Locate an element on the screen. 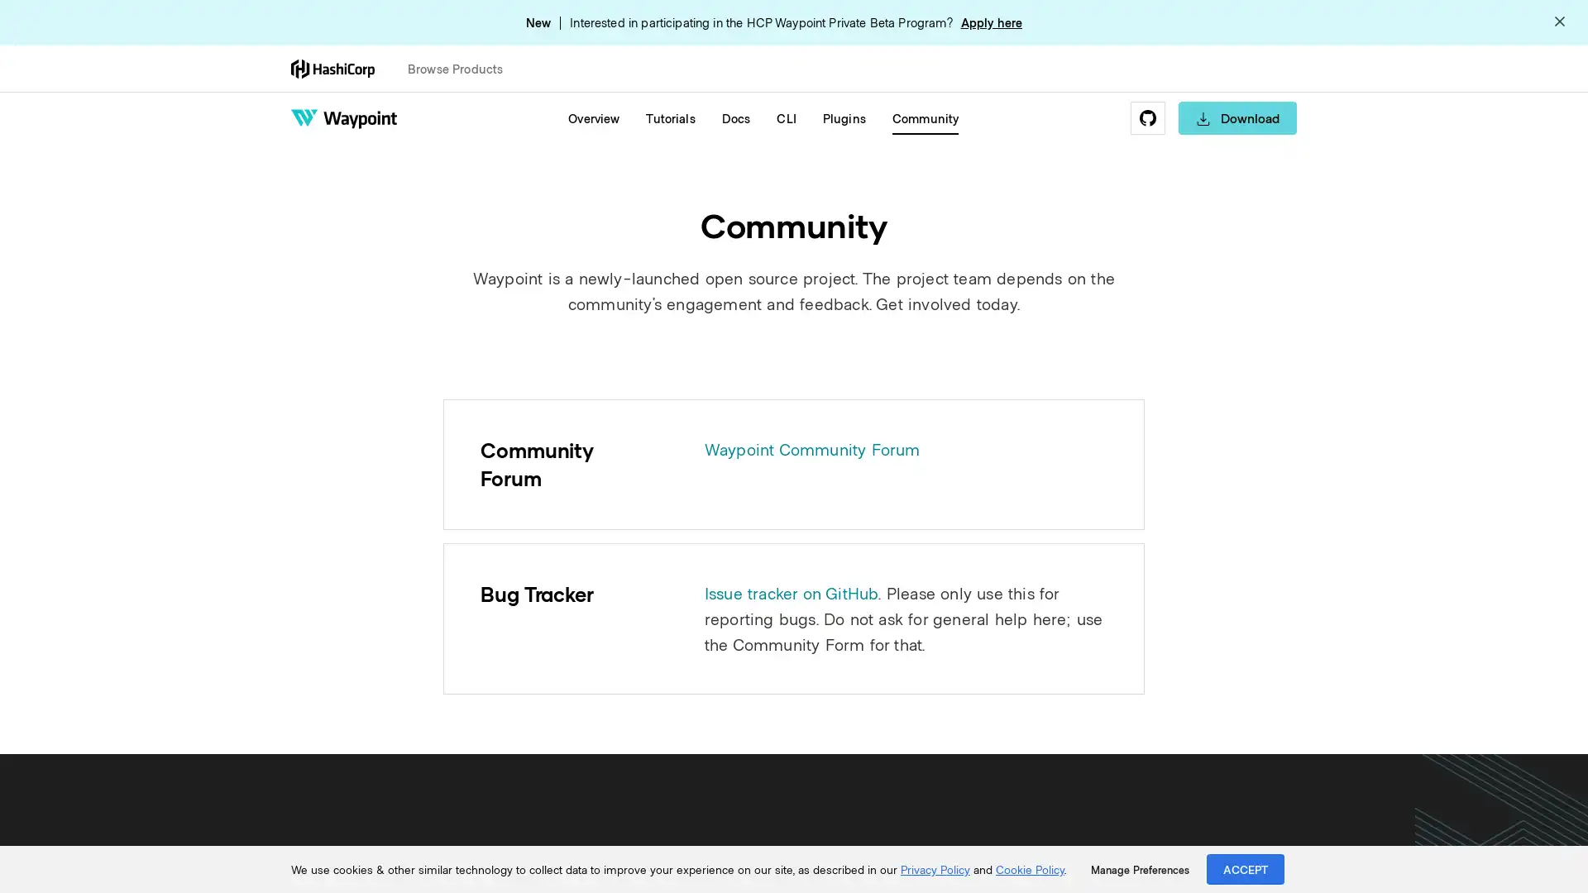  ACCEPT is located at coordinates (1246, 868).